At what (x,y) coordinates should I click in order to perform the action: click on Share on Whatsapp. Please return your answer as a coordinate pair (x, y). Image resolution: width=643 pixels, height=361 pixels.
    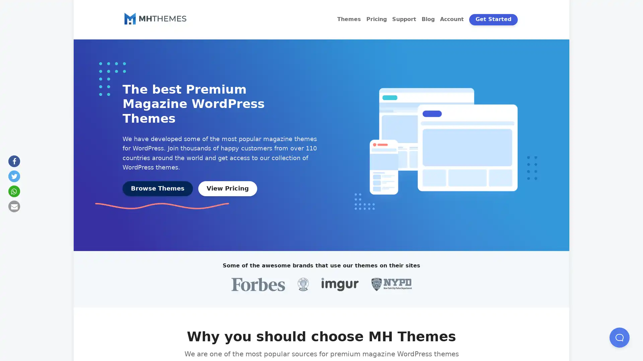
    Looking at the image, I should click on (14, 191).